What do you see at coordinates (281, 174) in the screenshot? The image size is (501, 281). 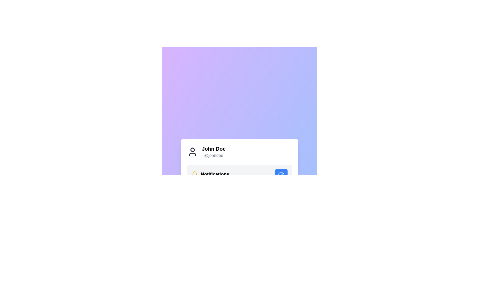 I see `the blue oval toggle switch located within the button in the dropdown below the 'John Doe' section to switch its state` at bounding box center [281, 174].